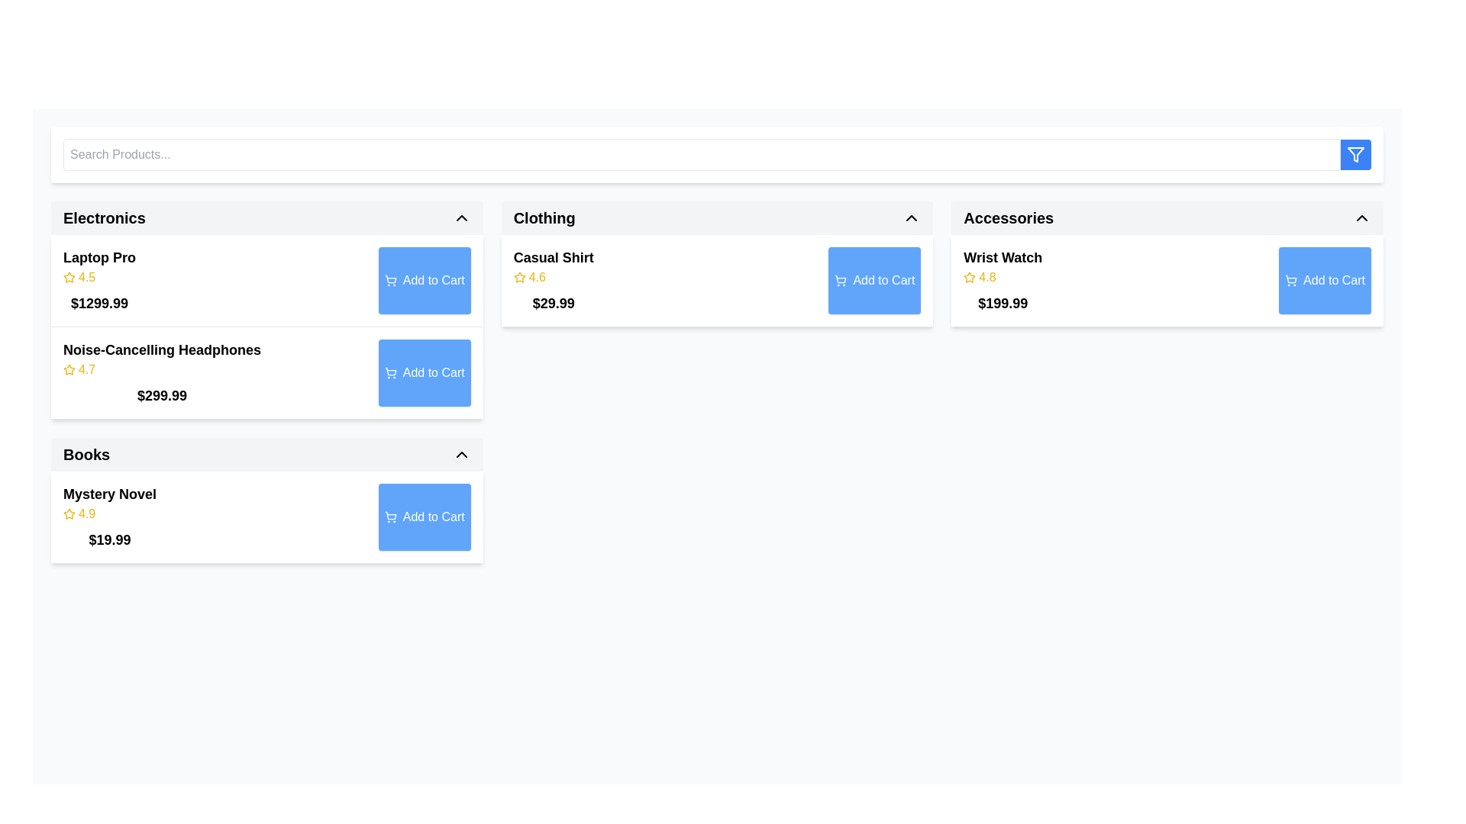 This screenshot has width=1466, height=824. I want to click on the product listing component displaying 'Casual Shirt' with a rating of 4.6 and an 'Add to Cart' button, so click(716, 281).